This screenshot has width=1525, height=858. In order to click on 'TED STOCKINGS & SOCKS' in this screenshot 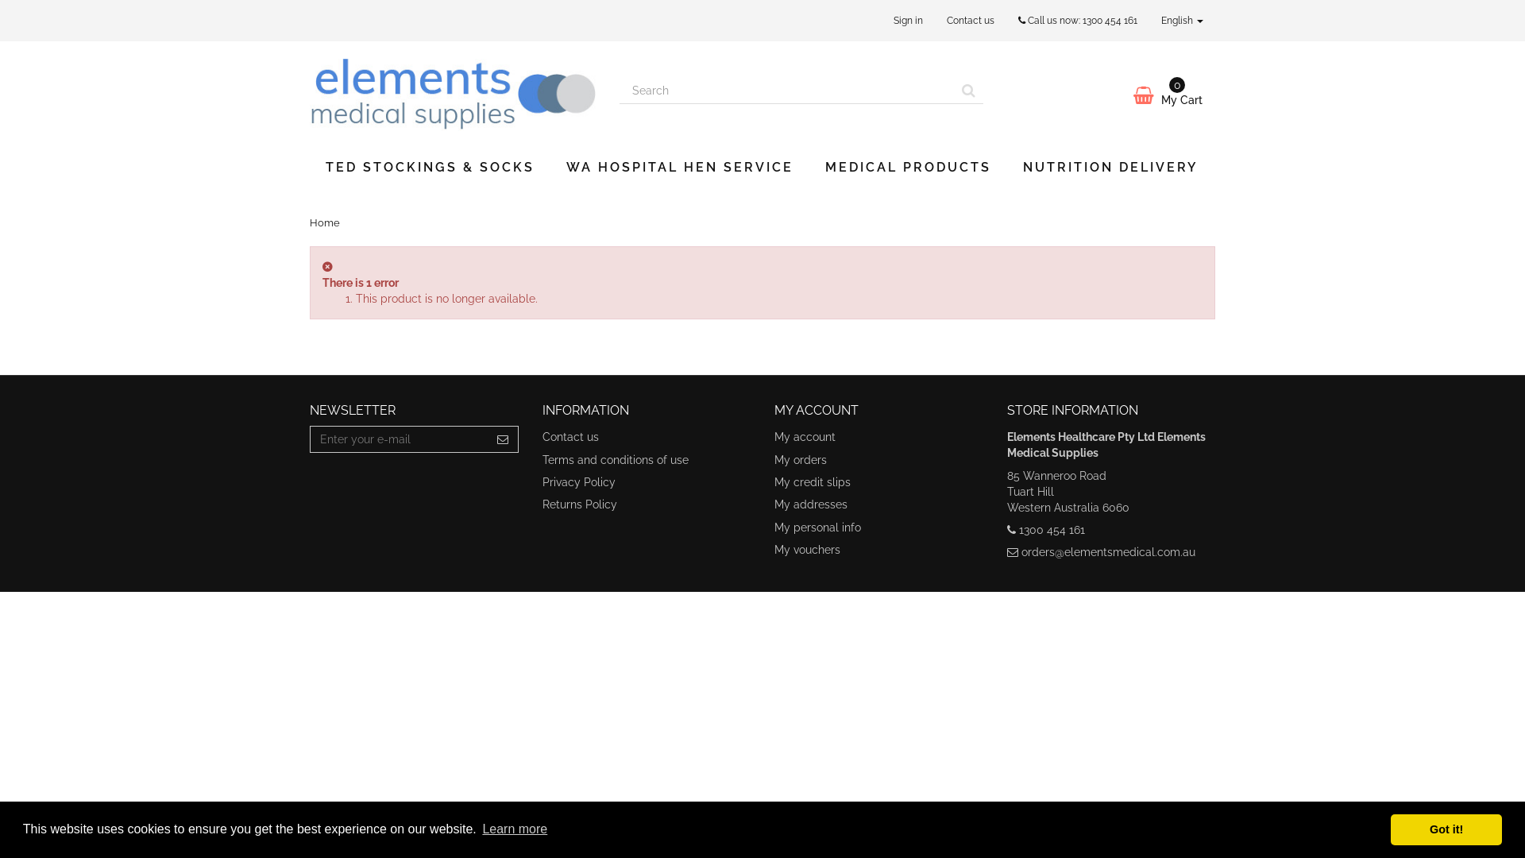, I will do `click(430, 168)`.